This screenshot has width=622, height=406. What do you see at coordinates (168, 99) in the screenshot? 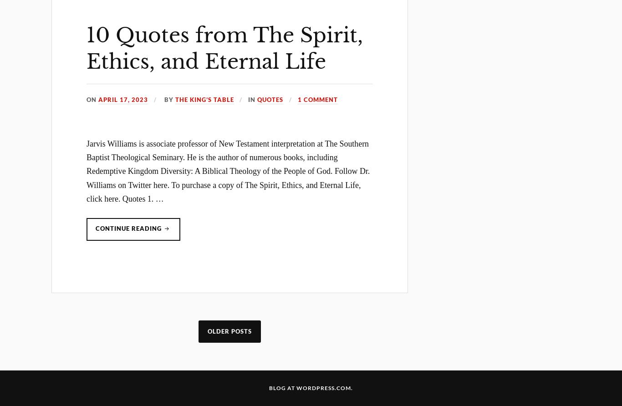
I see `'By'` at bounding box center [168, 99].